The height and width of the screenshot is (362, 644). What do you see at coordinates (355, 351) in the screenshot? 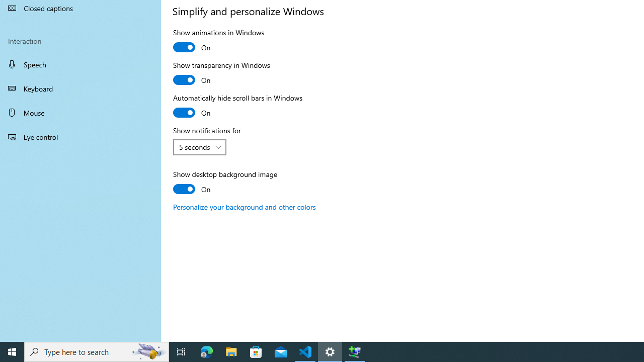
I see `'Extensible Wizards Host Process - 1 running window'` at bounding box center [355, 351].